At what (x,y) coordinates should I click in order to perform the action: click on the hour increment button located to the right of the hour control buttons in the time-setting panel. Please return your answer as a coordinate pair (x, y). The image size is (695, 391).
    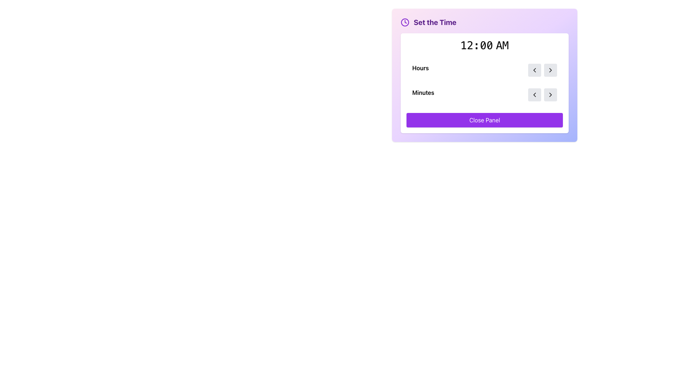
    Looking at the image, I should click on (550, 70).